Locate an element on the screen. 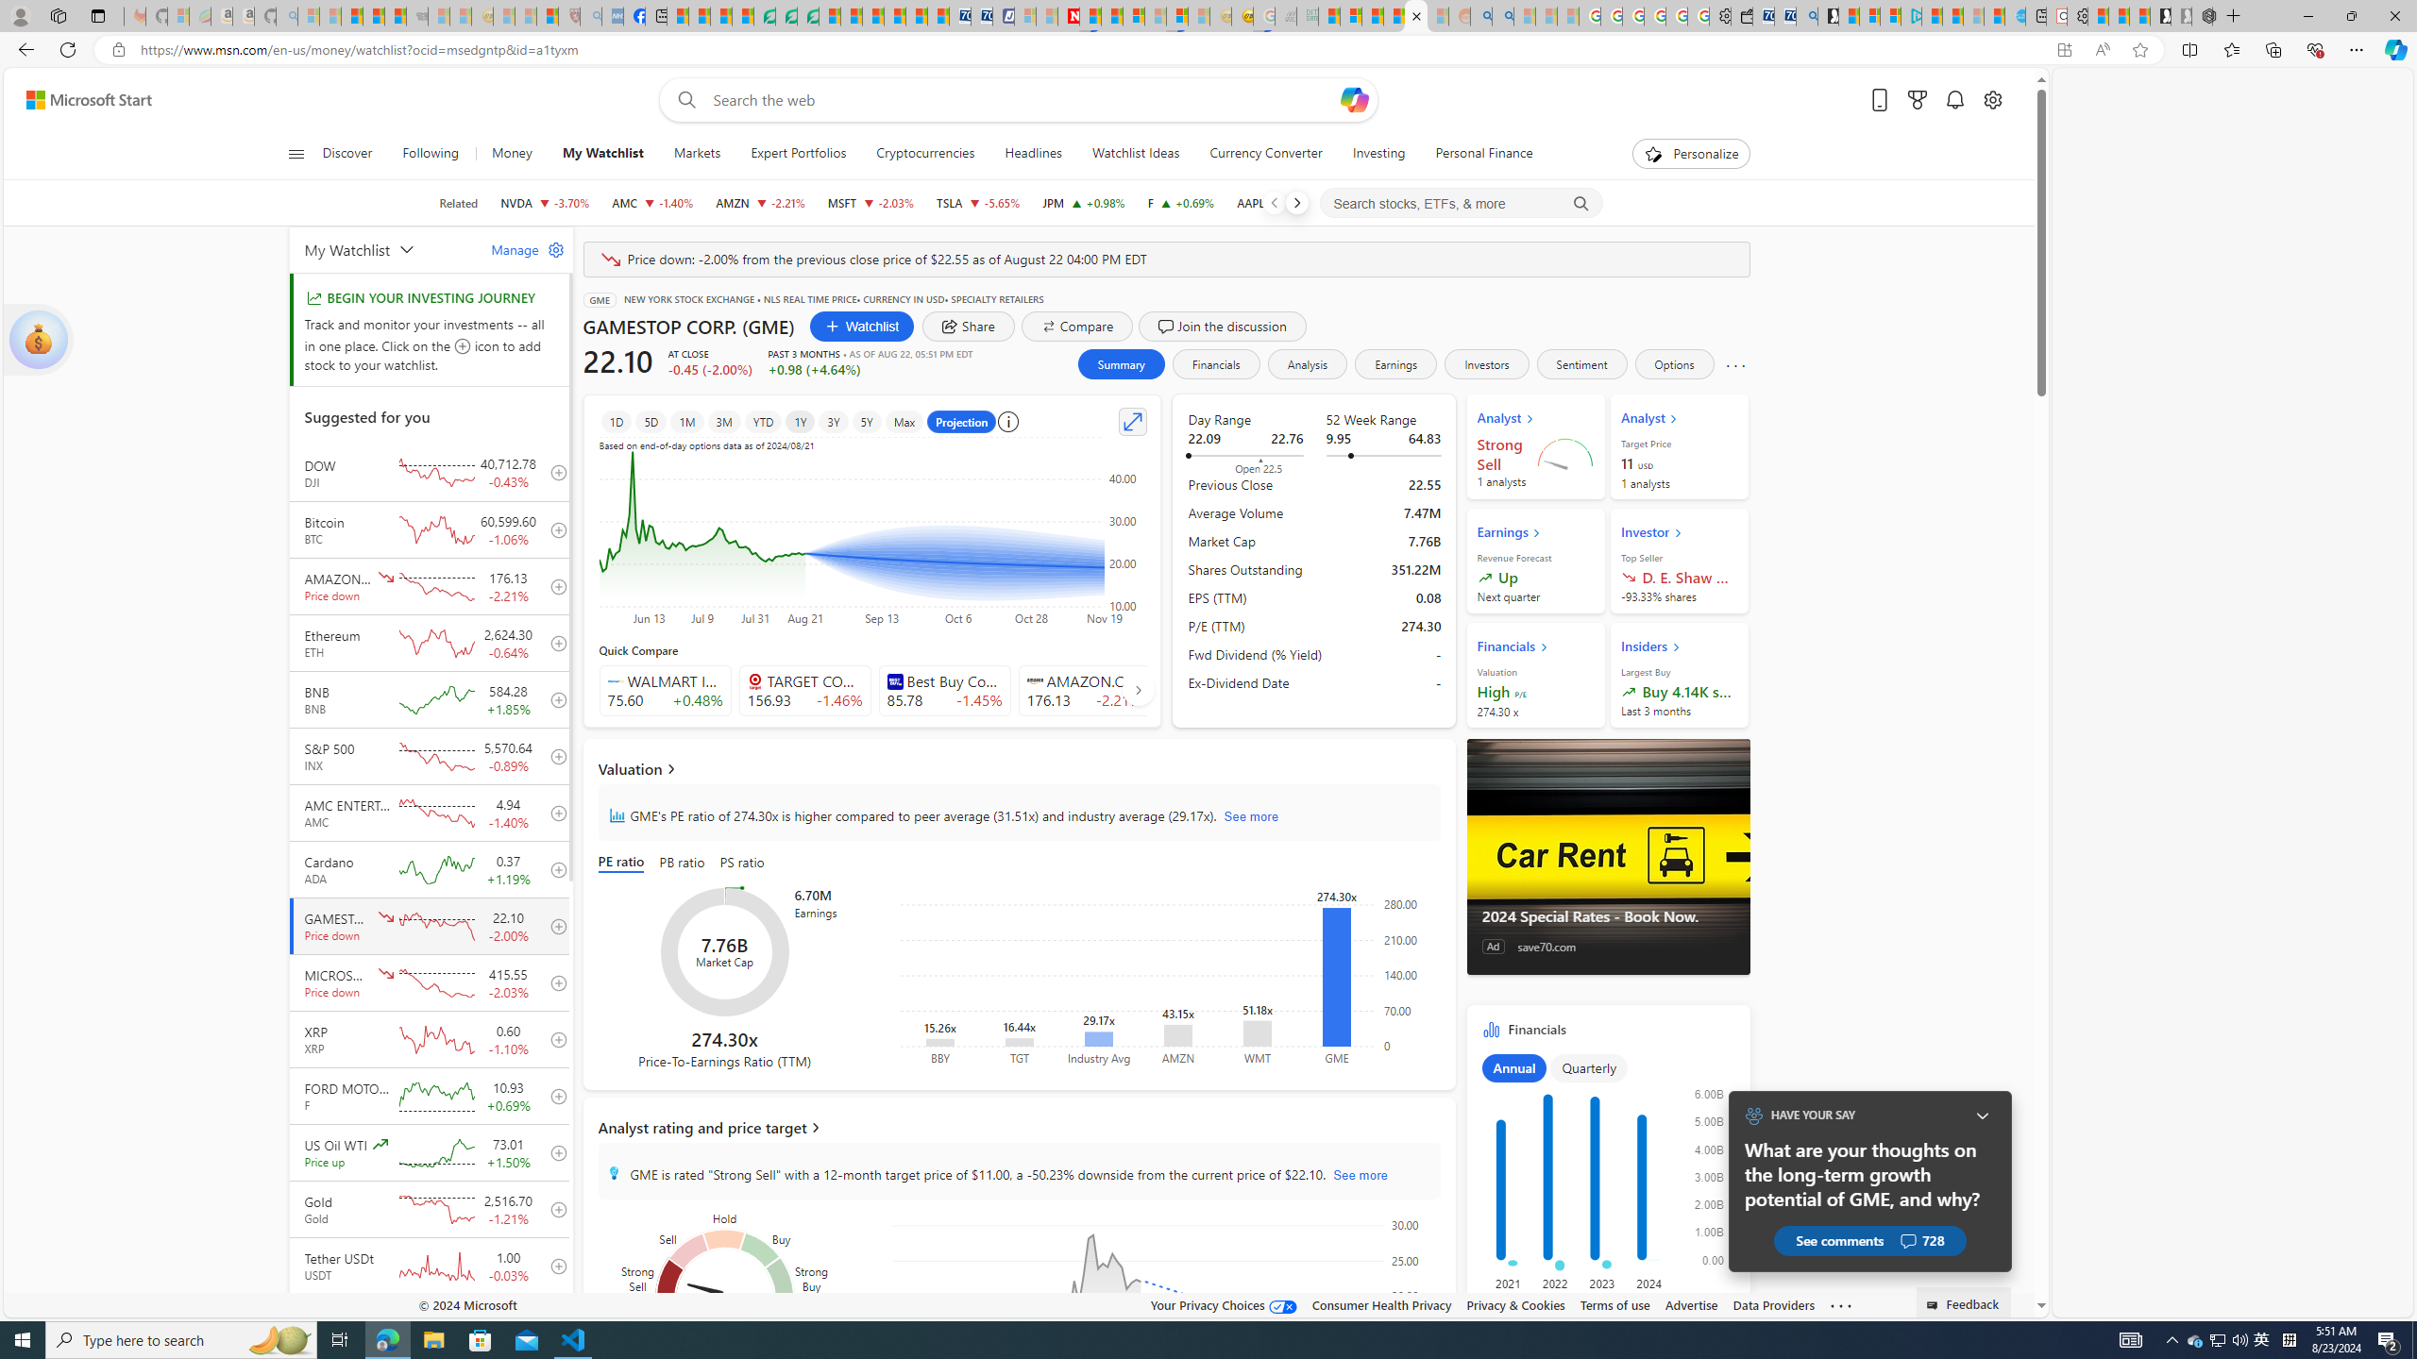 Image resolution: width=2417 pixels, height=1359 pixels. 'Expert Portfolios' is located at coordinates (798, 153).